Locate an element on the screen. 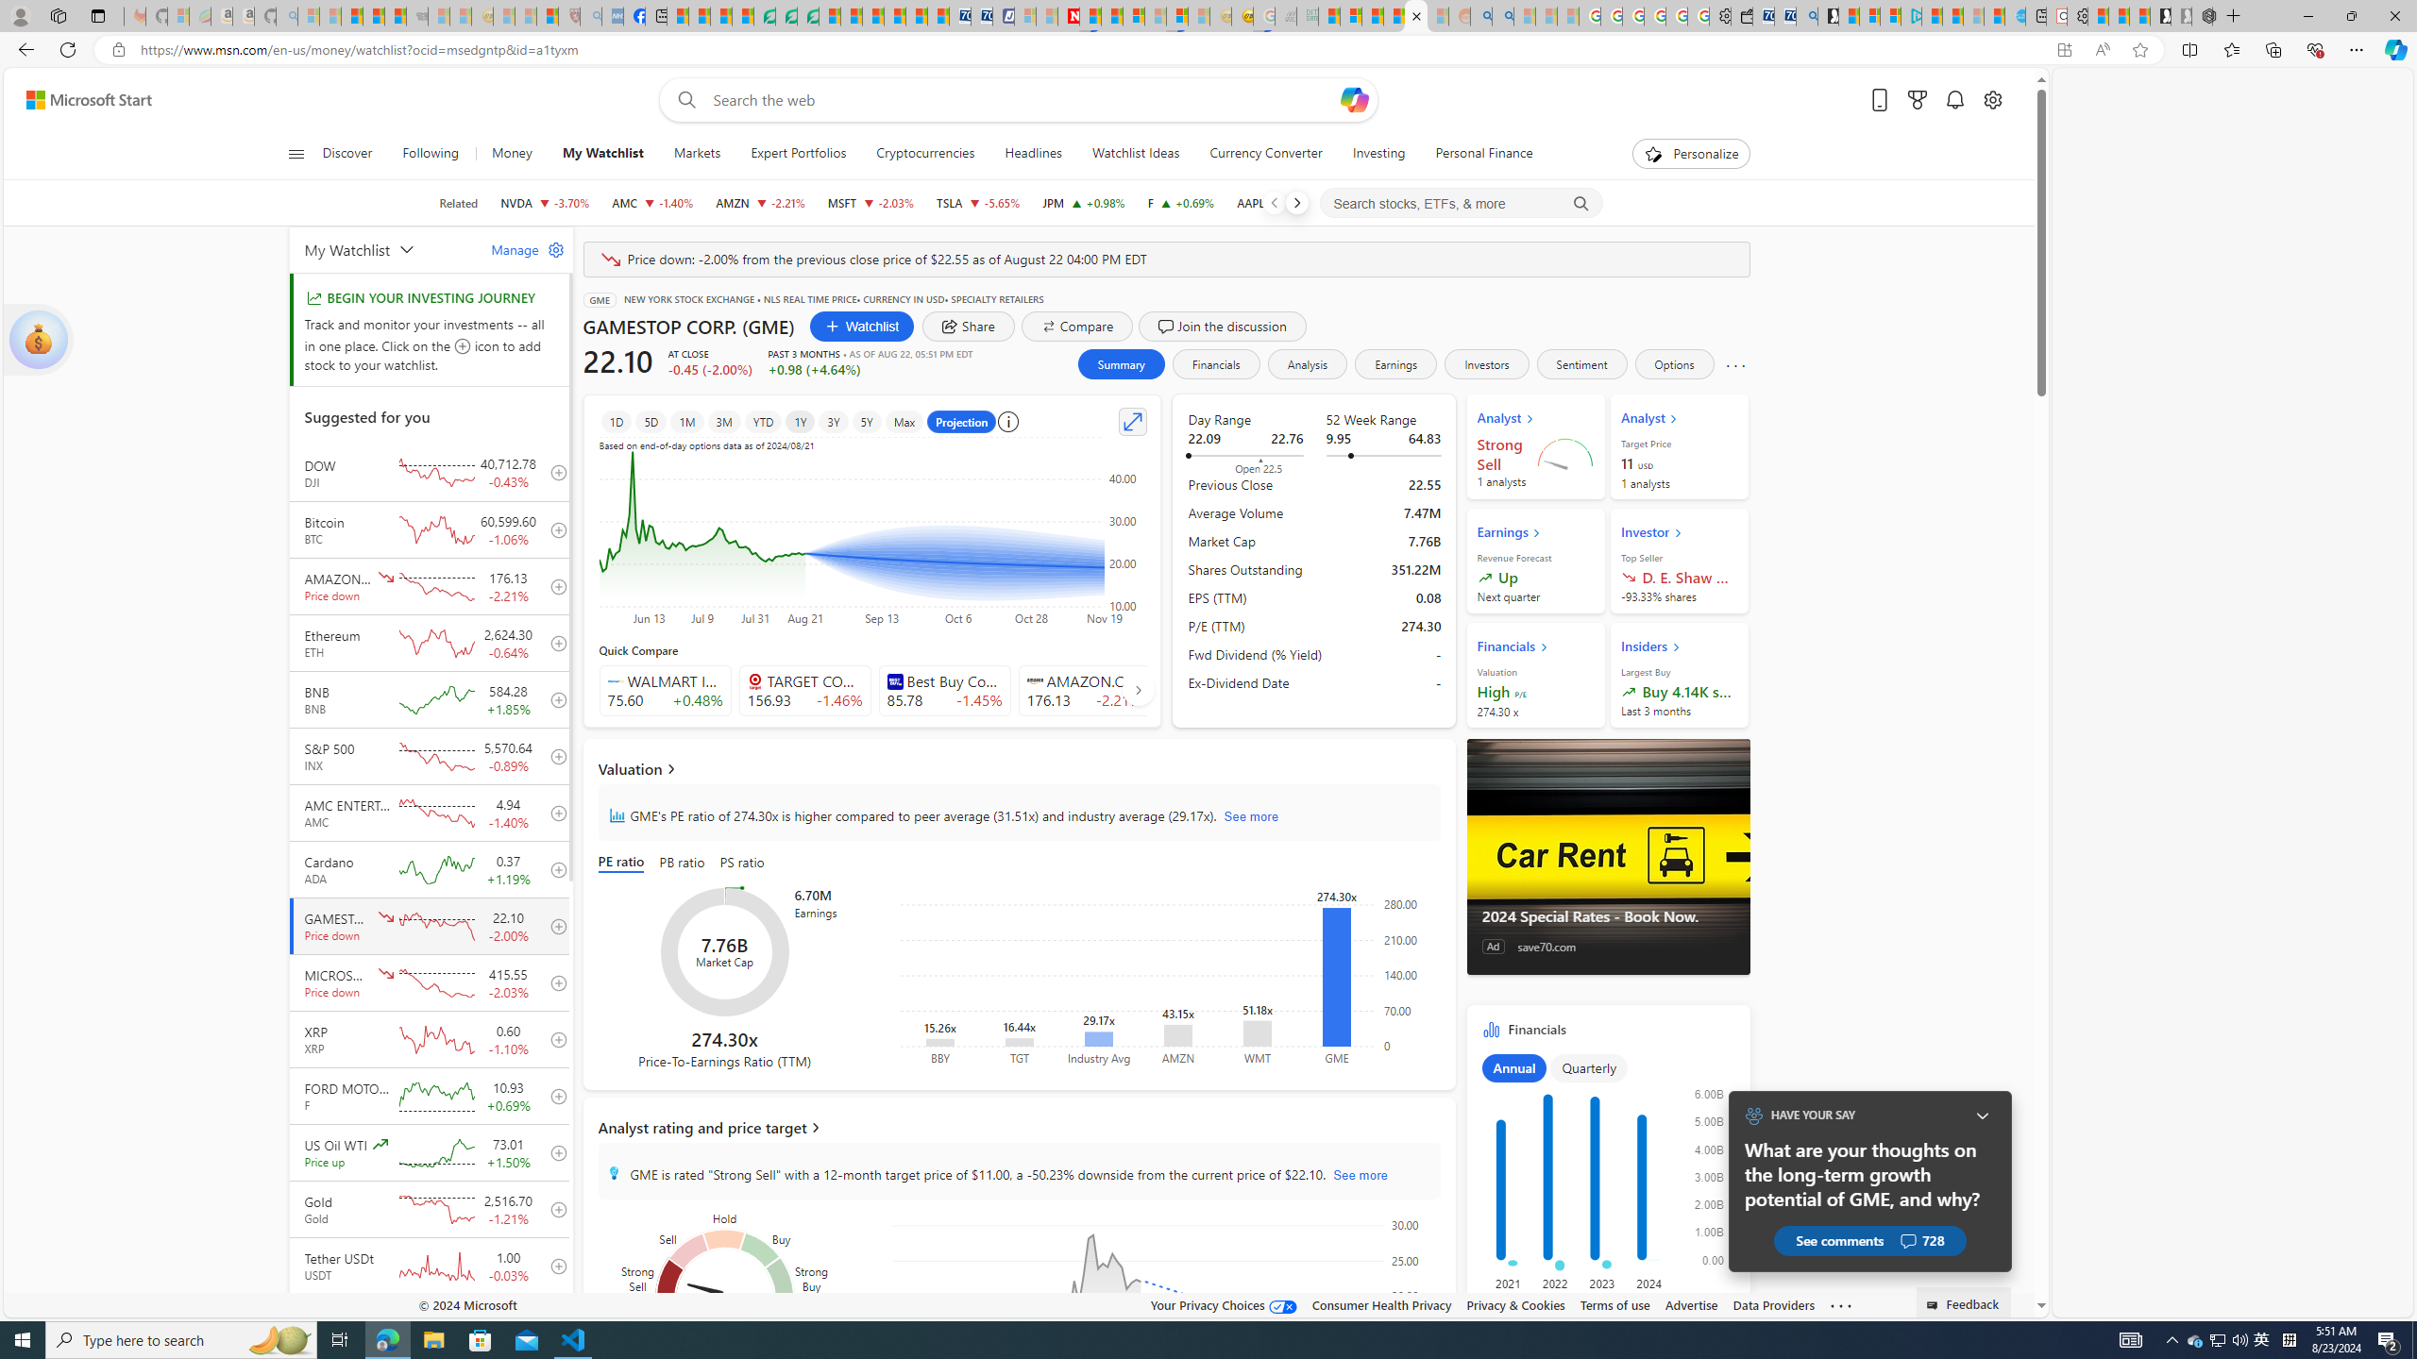 Image resolution: width=2417 pixels, height=1359 pixels. 'Expert Portfolios' is located at coordinates (798, 153).